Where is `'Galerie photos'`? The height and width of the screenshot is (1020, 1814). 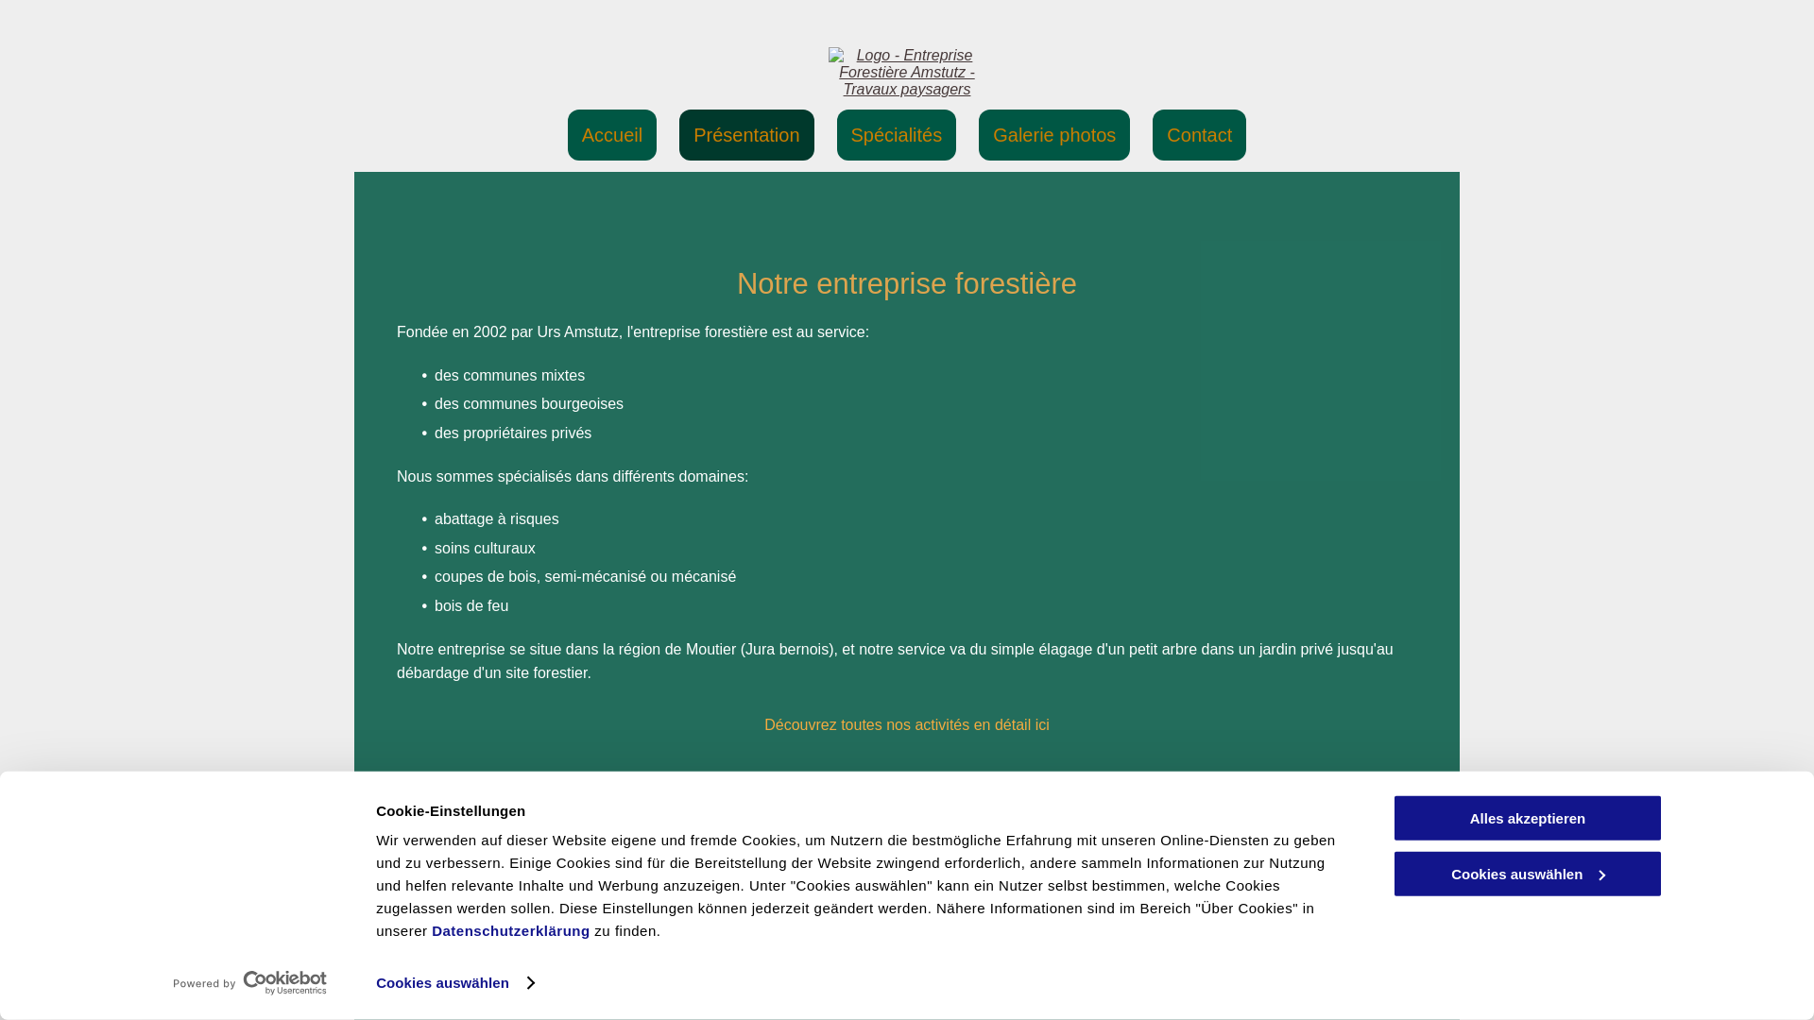
'Galerie photos' is located at coordinates (1053, 133).